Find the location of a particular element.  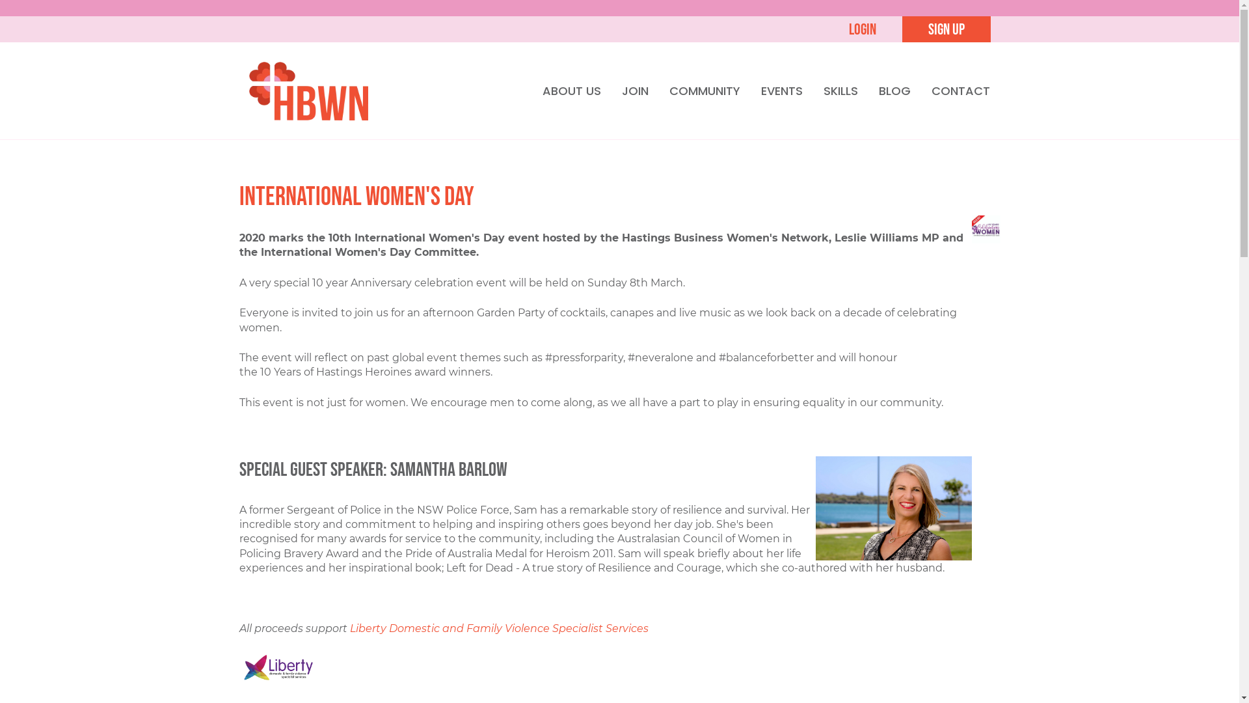

'COMMUNITY' is located at coordinates (704, 90).